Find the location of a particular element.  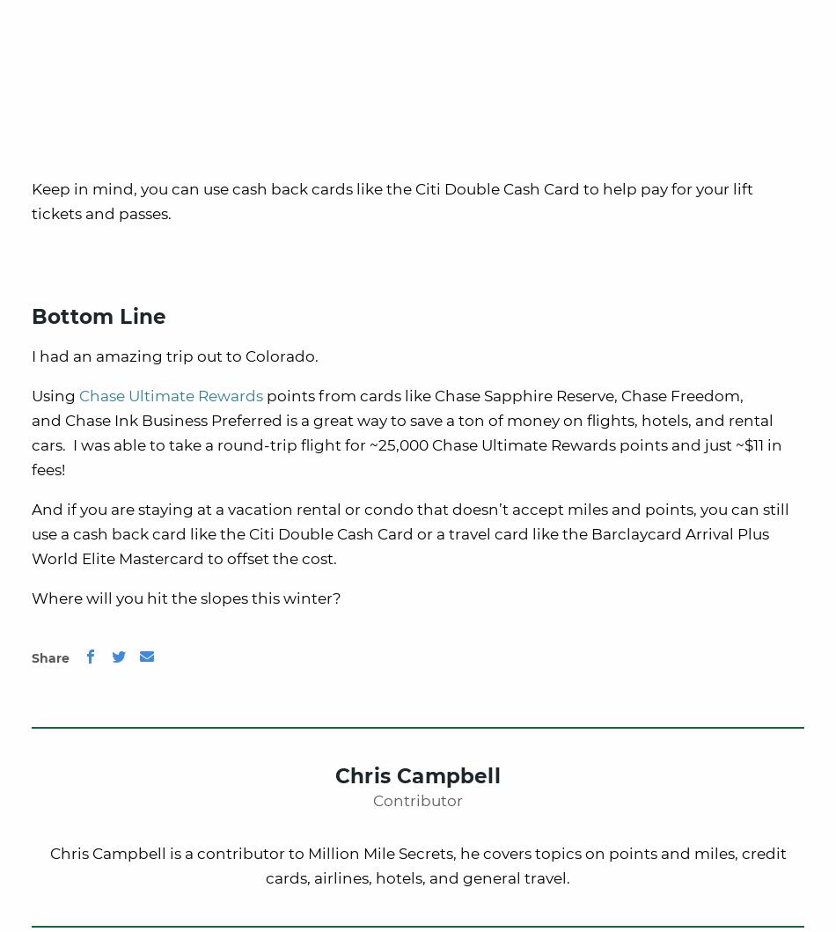

'Chris Campbell is a contributor to Million Mile Secrets, he covers topics on points and miles, credit cards, airlines, hotels, and general travel.' is located at coordinates (416, 863).